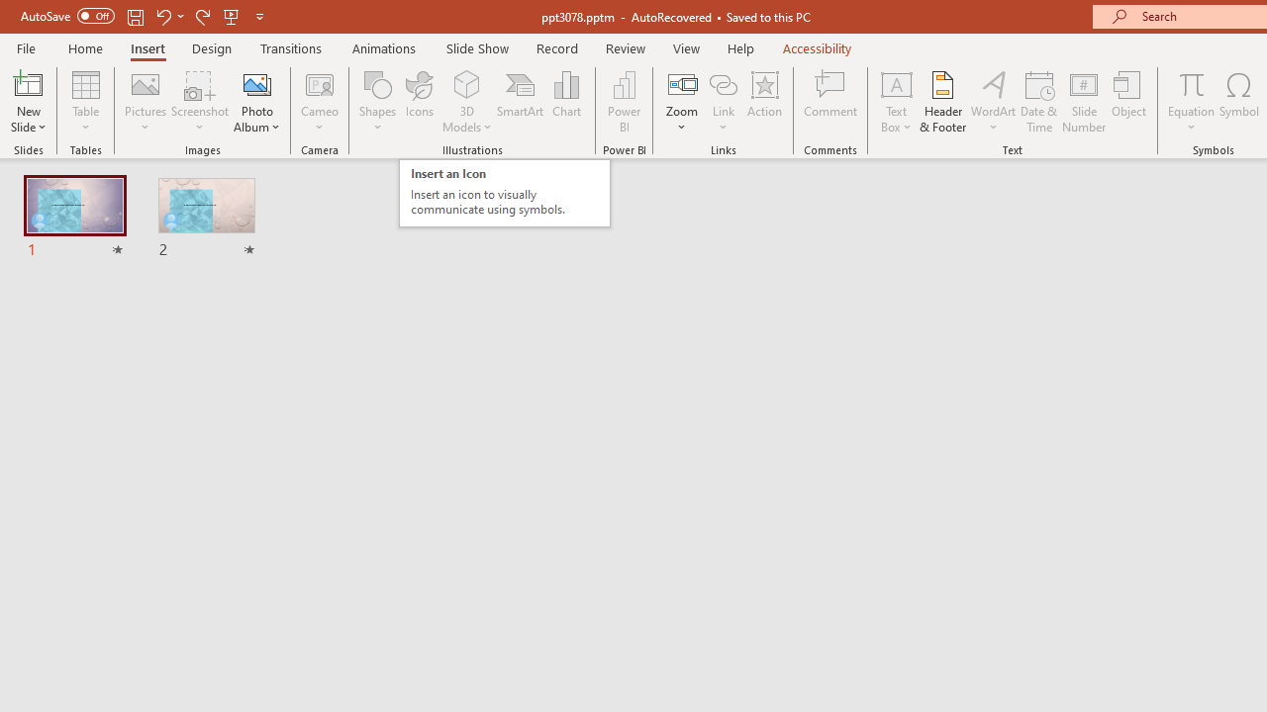  I want to click on 'Action', so click(764, 102).